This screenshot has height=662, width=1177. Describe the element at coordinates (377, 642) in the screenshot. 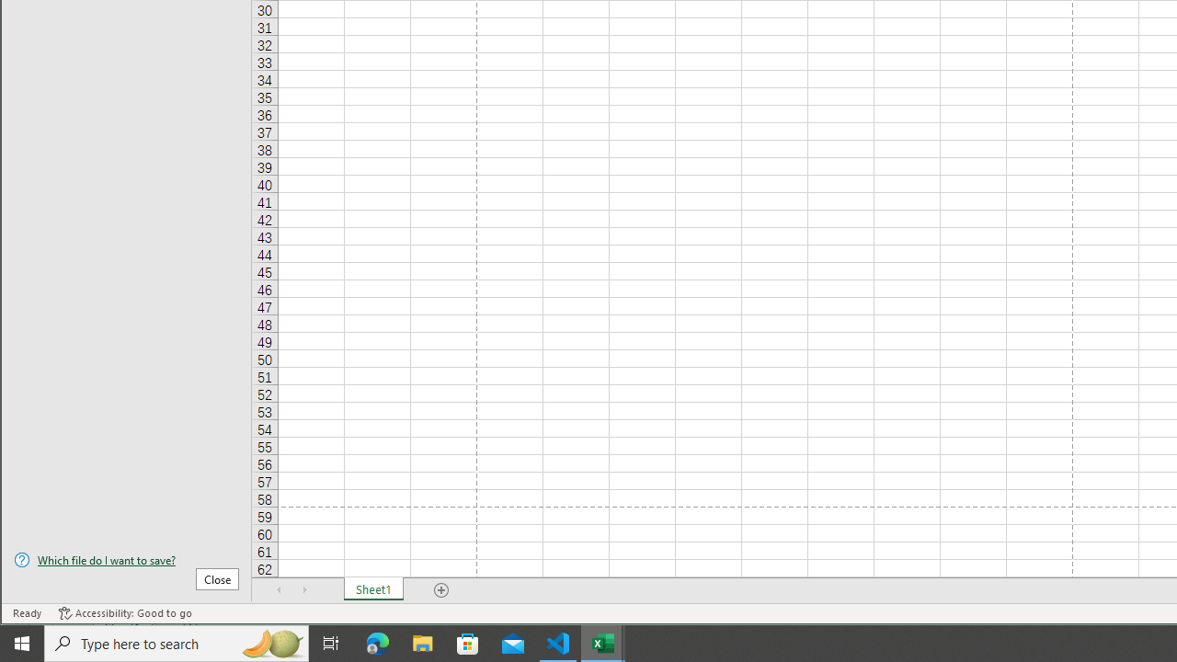

I see `'Microsoft Edge'` at that location.